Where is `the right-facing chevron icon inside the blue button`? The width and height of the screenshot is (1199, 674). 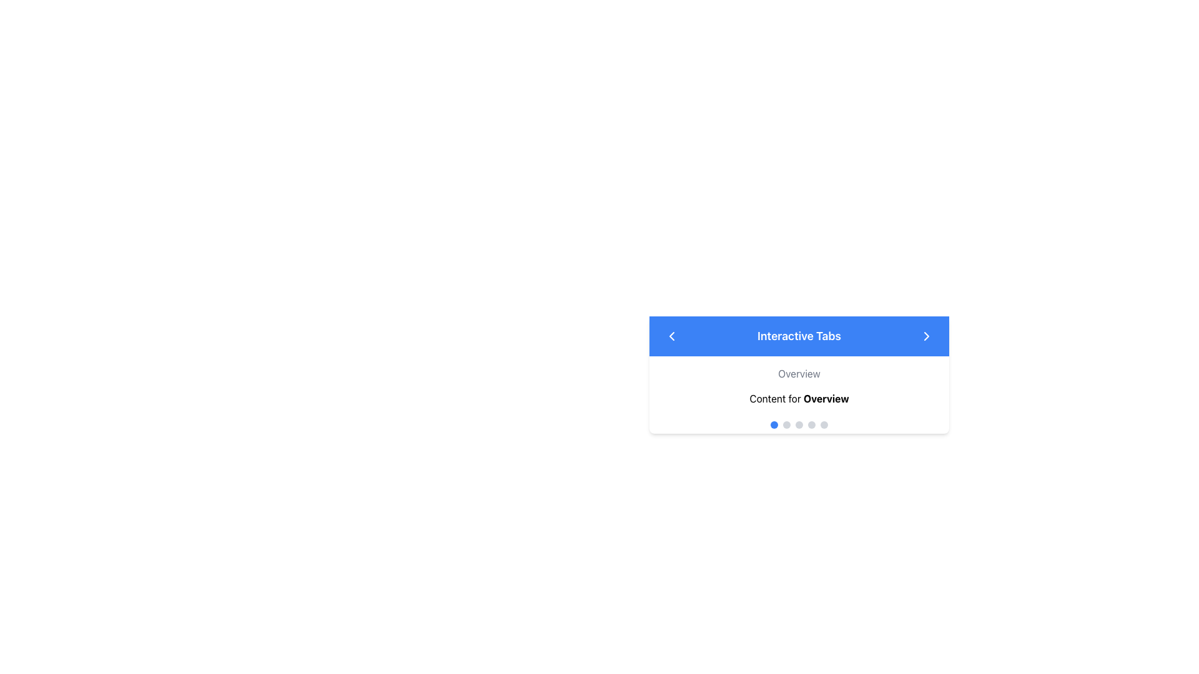
the right-facing chevron icon inside the blue button is located at coordinates (926, 336).